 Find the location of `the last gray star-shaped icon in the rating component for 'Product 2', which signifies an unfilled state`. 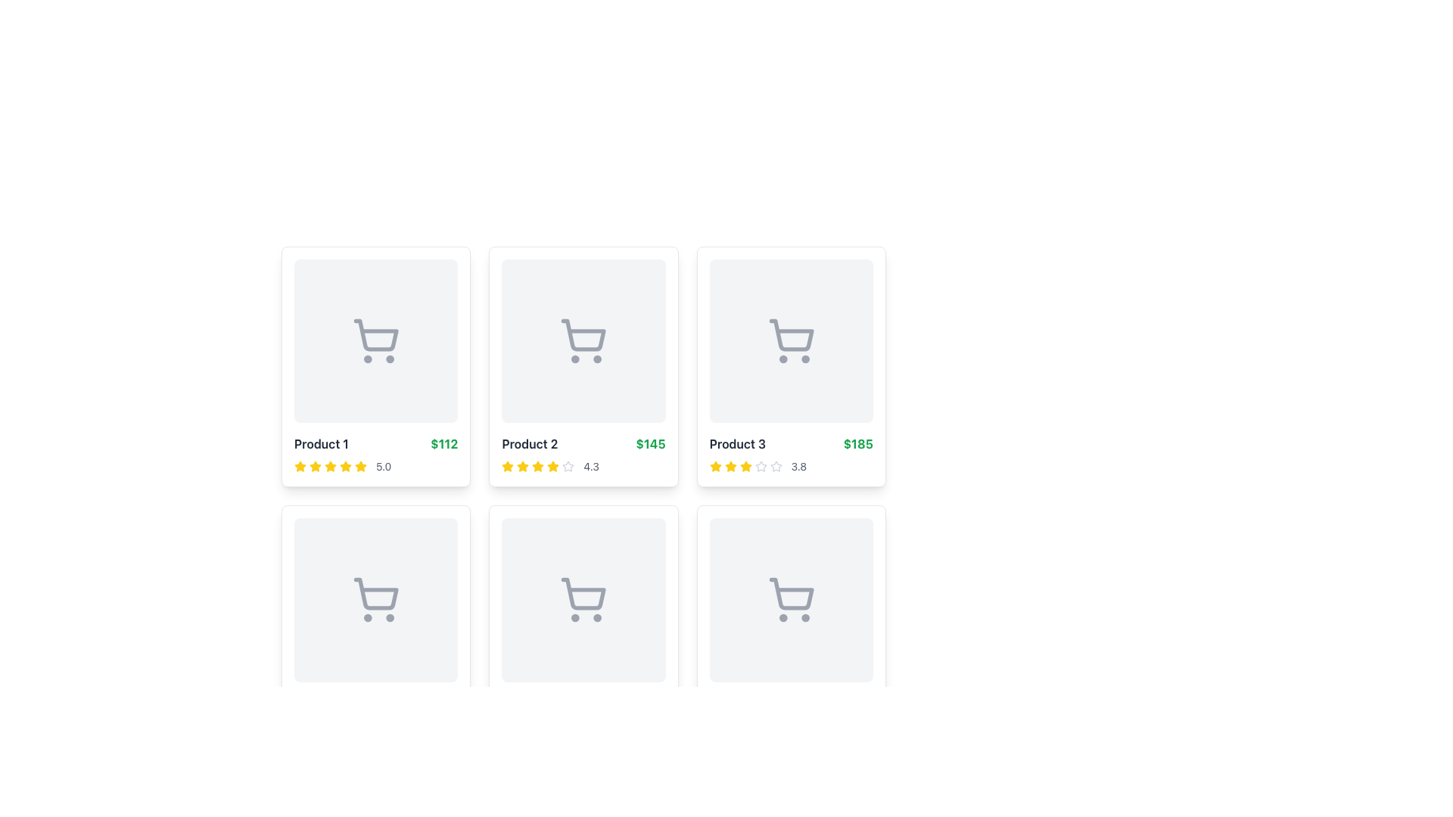

the last gray star-shaped icon in the rating component for 'Product 2', which signifies an unfilled state is located at coordinates (568, 466).